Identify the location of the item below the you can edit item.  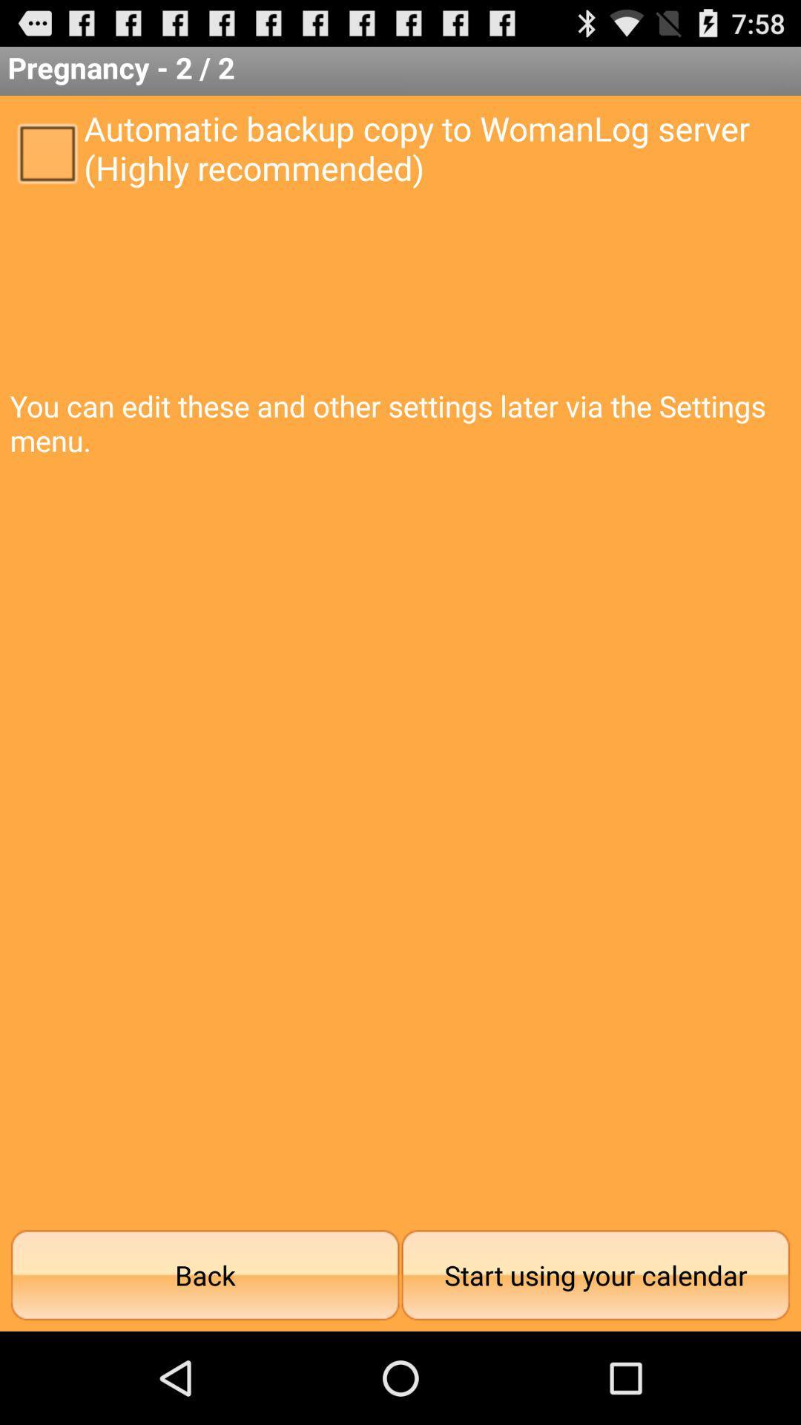
(205, 1274).